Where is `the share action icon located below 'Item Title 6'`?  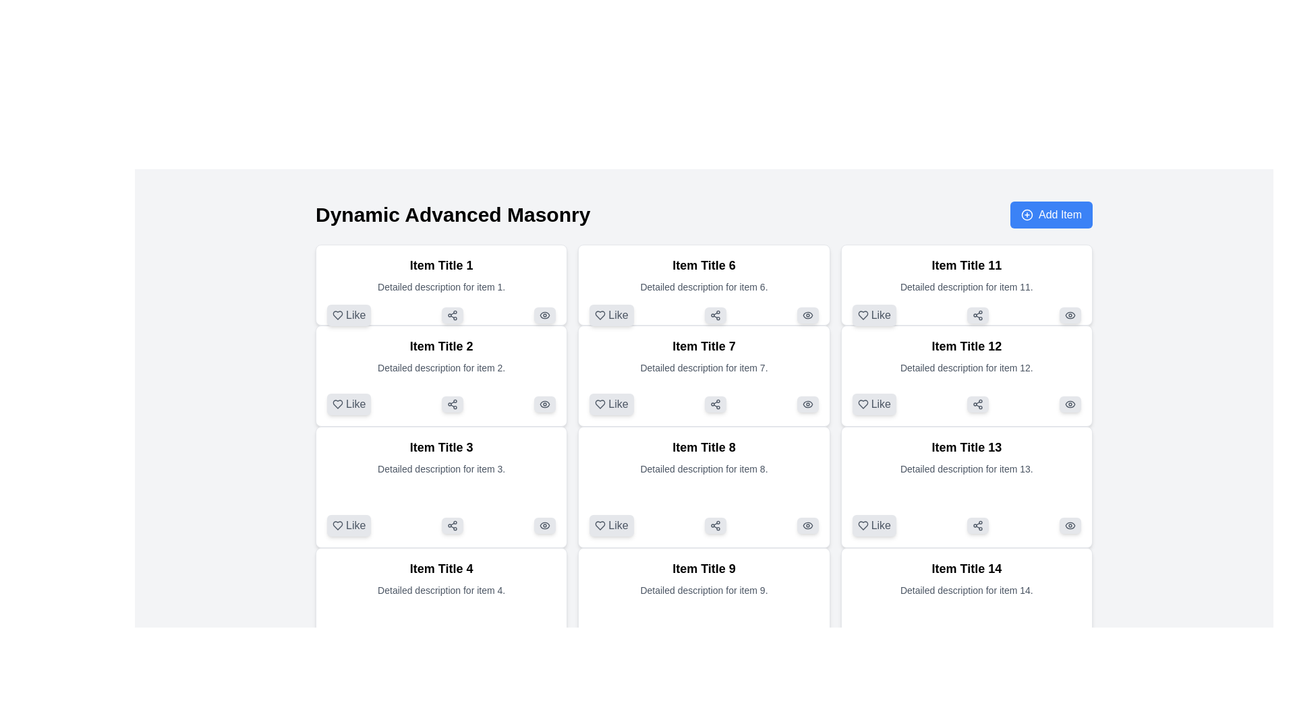 the share action icon located below 'Item Title 6' is located at coordinates (714, 315).